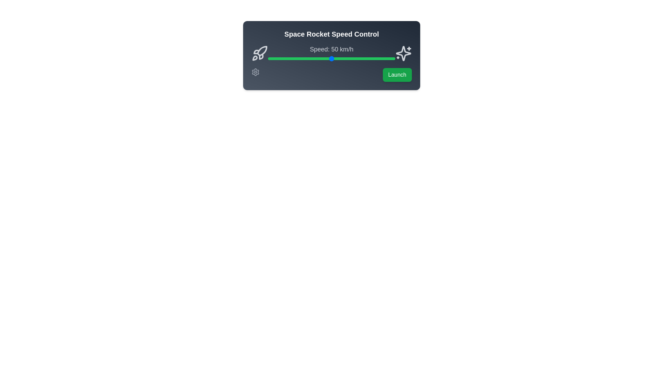 The height and width of the screenshot is (373, 664). What do you see at coordinates (279, 58) in the screenshot?
I see `the speed slider to set the speed to 9 km/h` at bounding box center [279, 58].